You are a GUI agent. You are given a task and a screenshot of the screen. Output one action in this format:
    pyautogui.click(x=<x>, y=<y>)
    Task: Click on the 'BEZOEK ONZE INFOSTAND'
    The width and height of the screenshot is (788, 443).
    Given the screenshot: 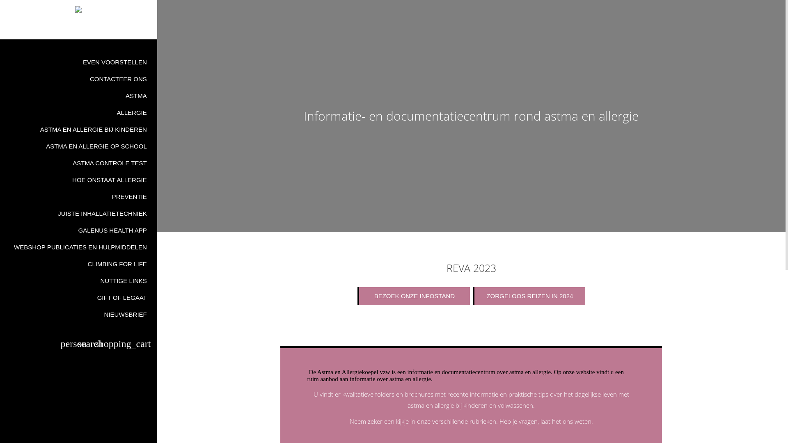 What is the action you would take?
    pyautogui.click(x=414, y=296)
    